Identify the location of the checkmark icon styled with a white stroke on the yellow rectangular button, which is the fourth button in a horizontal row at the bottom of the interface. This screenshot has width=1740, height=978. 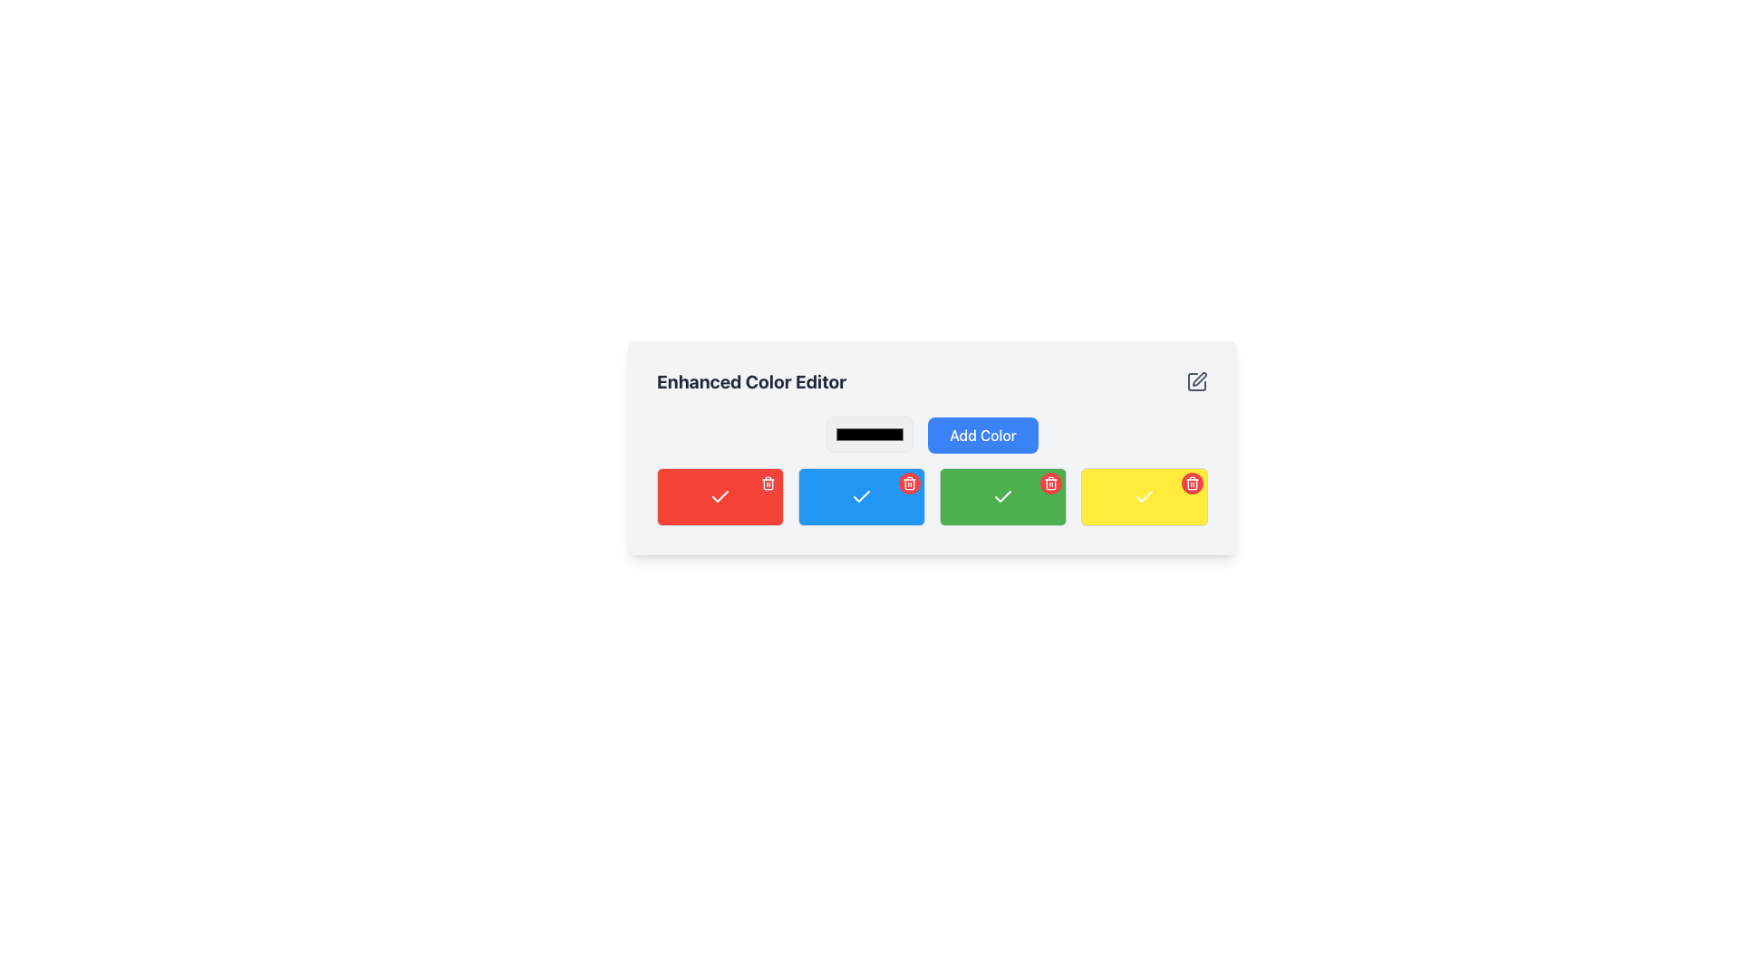
(1143, 496).